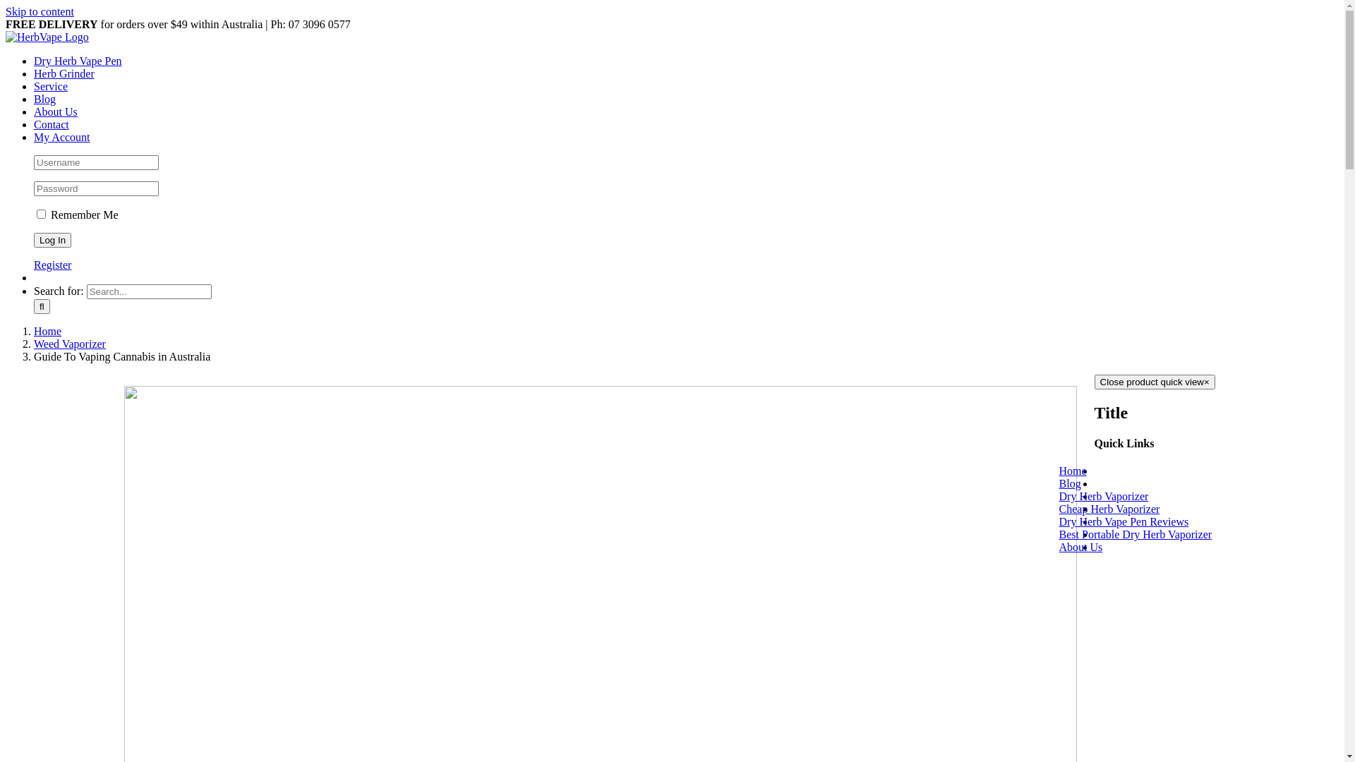 This screenshot has width=1355, height=762. Describe the element at coordinates (69, 344) in the screenshot. I see `'Weed Vaporizer'` at that location.